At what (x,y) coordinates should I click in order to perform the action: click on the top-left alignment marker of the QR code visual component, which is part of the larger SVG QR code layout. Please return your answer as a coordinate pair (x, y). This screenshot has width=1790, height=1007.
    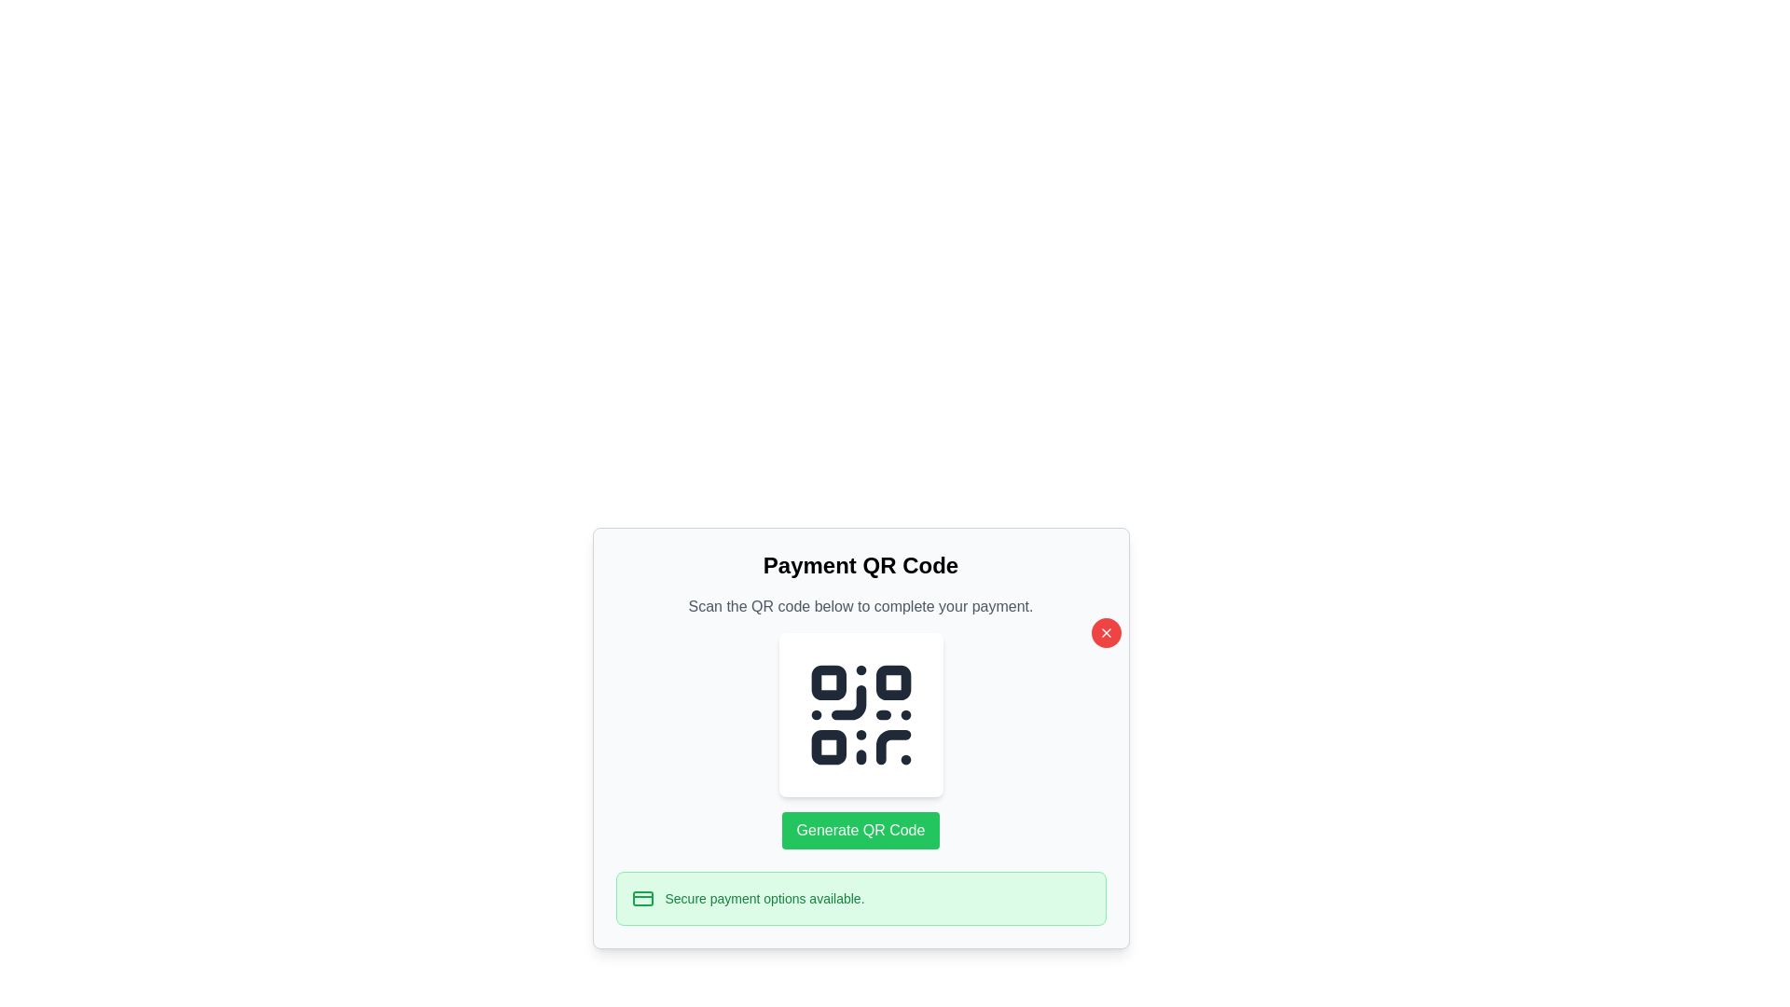
    Looking at the image, I should click on (827, 683).